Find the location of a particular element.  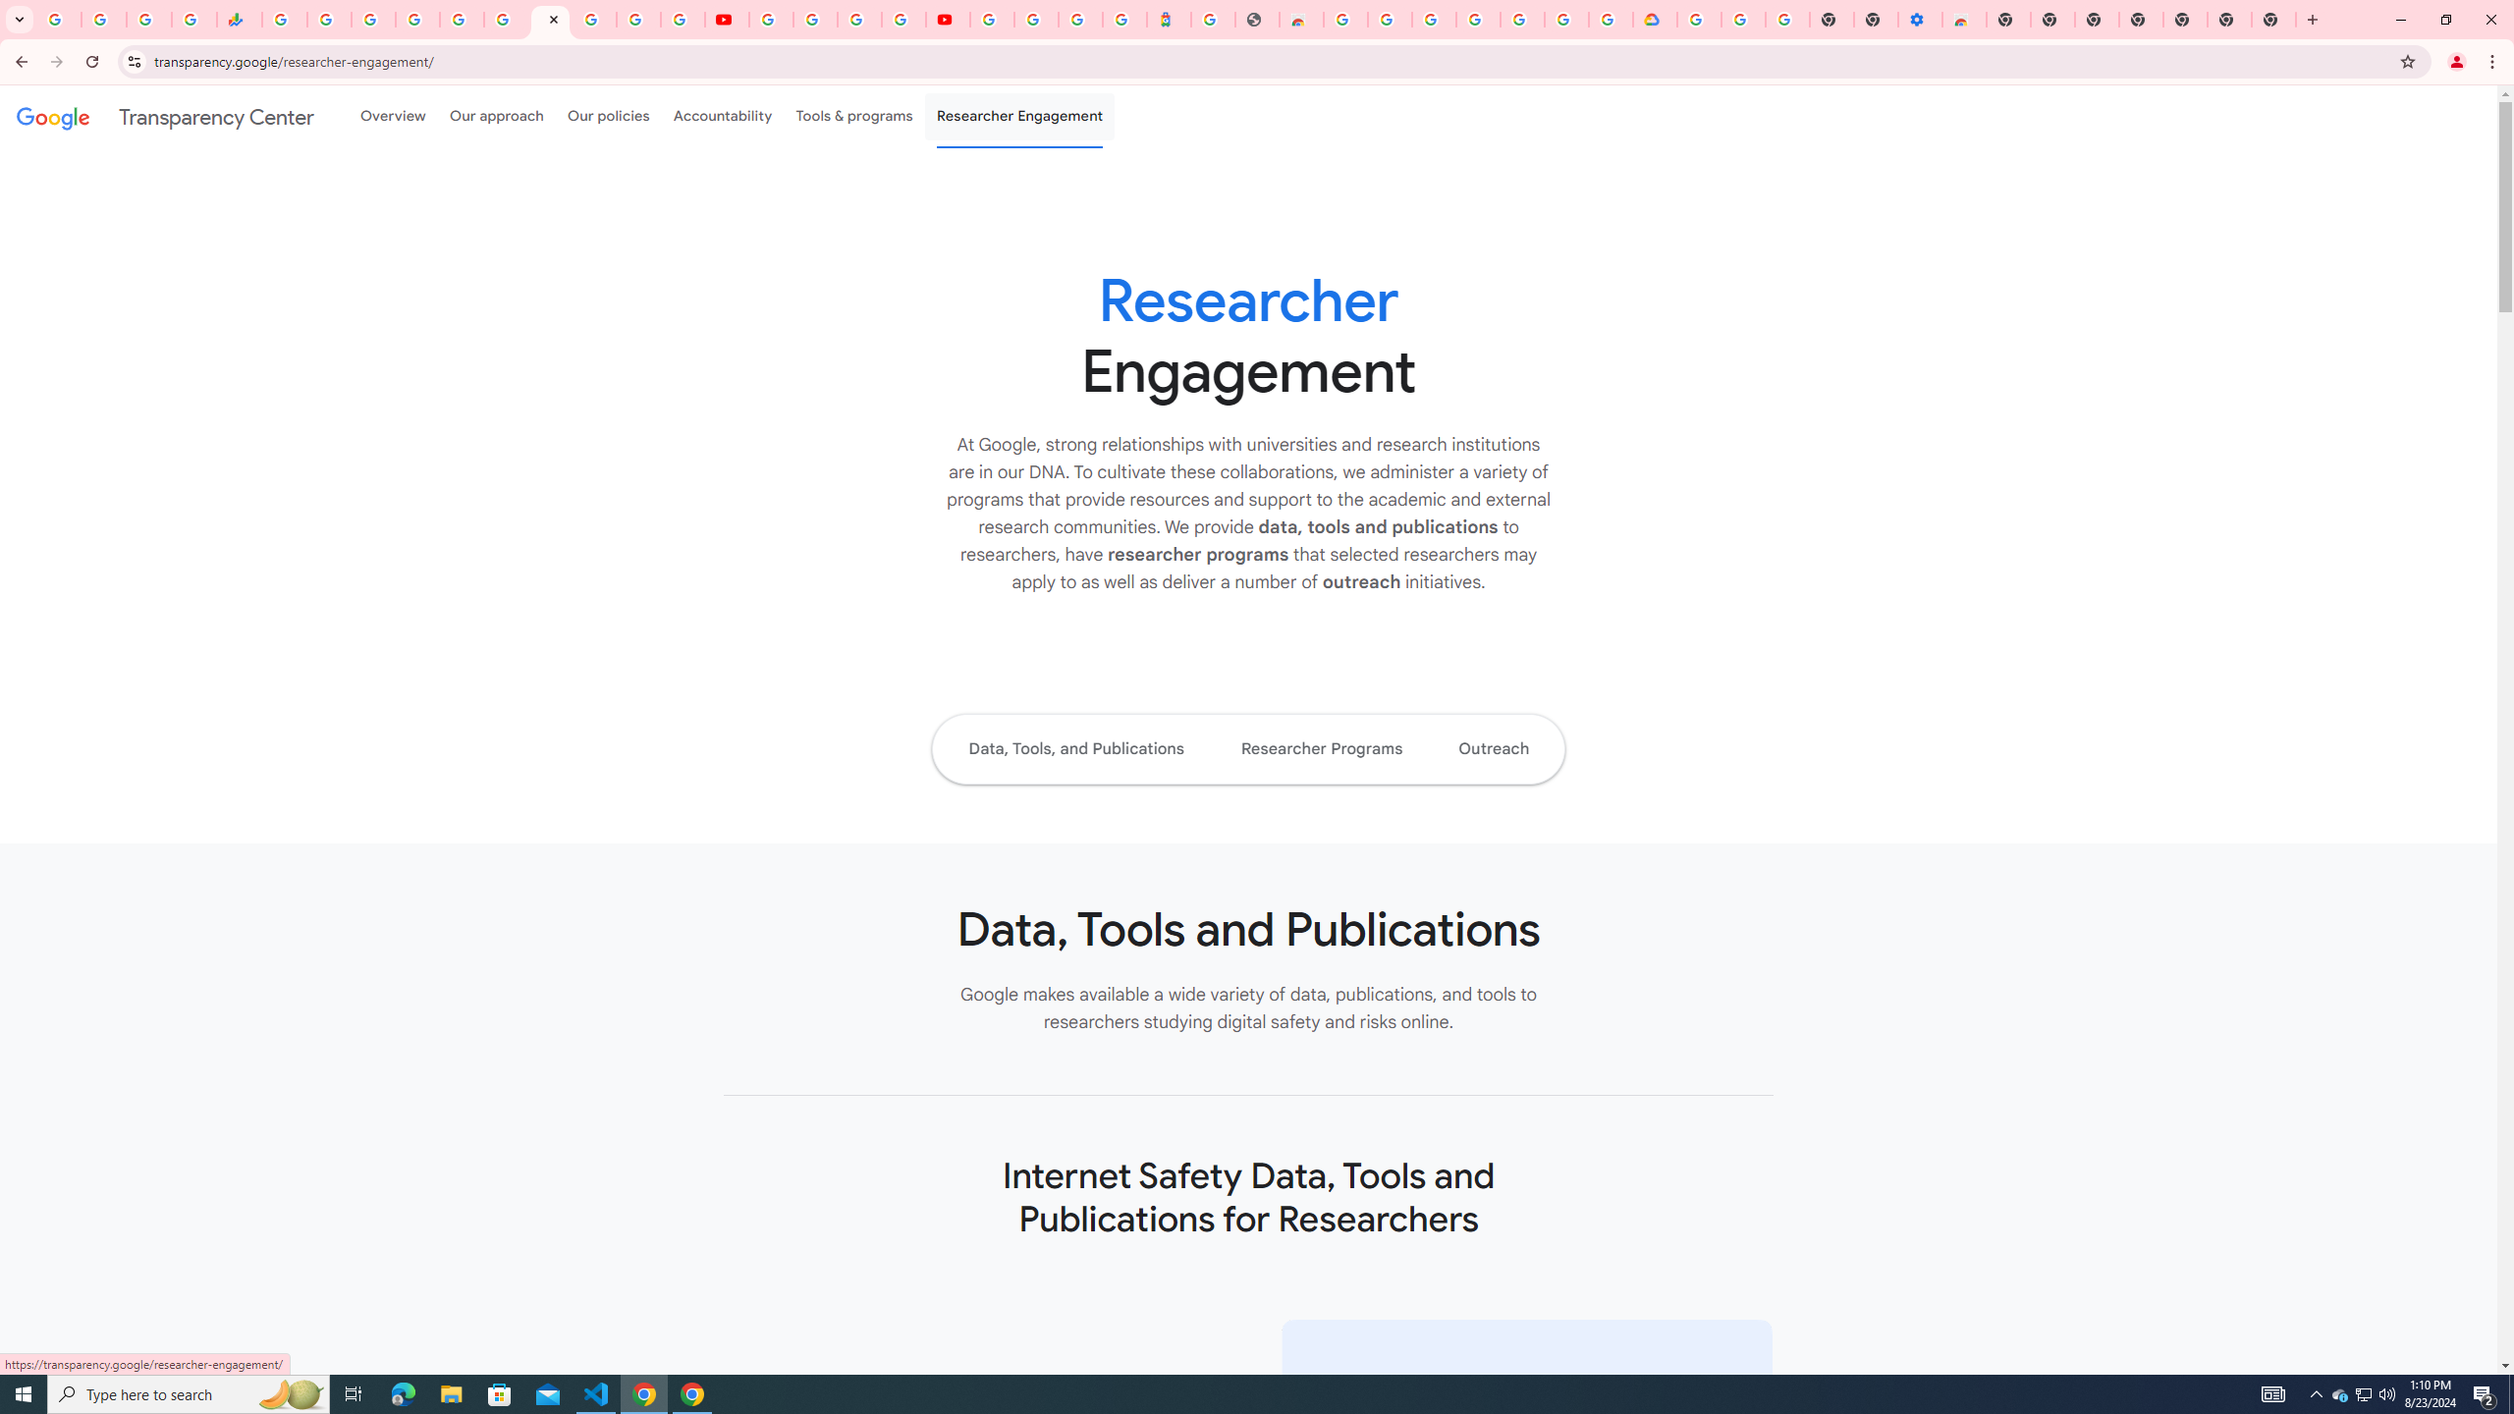

'New Tab' is located at coordinates (2273, 19).